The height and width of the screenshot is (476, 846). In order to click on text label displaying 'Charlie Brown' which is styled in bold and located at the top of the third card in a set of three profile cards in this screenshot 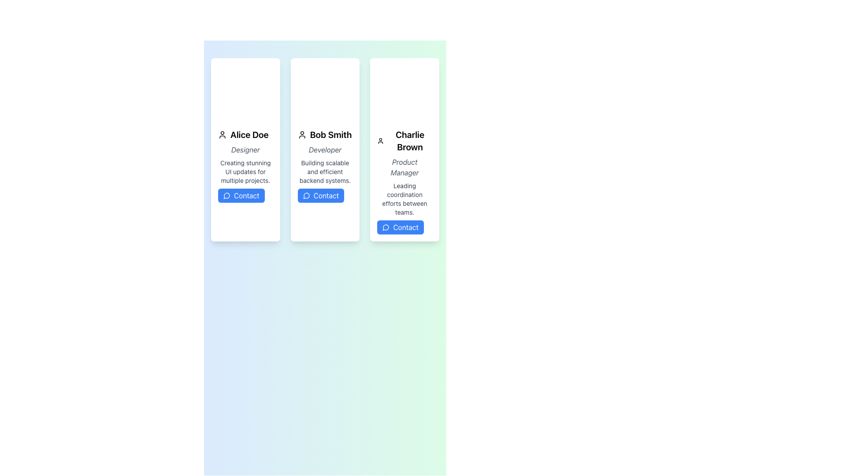, I will do `click(404, 141)`.